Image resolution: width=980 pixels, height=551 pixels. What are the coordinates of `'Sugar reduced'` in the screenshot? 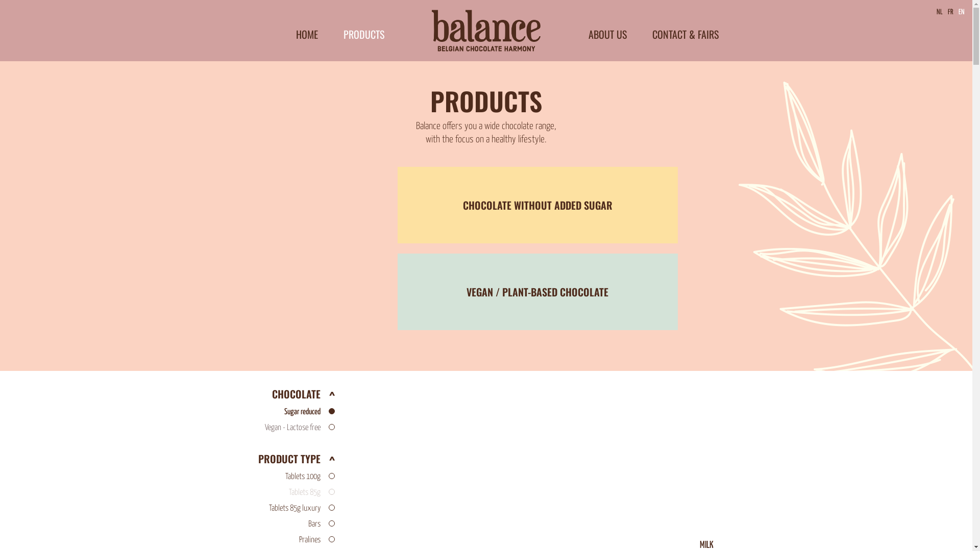 It's located at (267, 411).